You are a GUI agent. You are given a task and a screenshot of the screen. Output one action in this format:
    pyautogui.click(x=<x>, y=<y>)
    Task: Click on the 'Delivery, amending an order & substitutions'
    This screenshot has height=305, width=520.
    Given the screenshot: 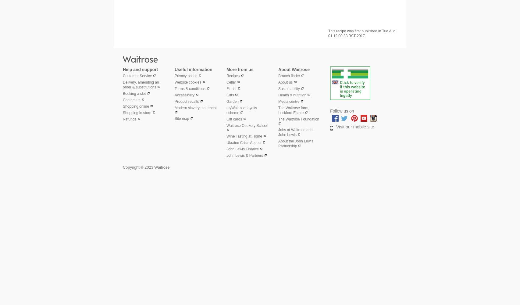 What is the action you would take?
    pyautogui.click(x=140, y=84)
    